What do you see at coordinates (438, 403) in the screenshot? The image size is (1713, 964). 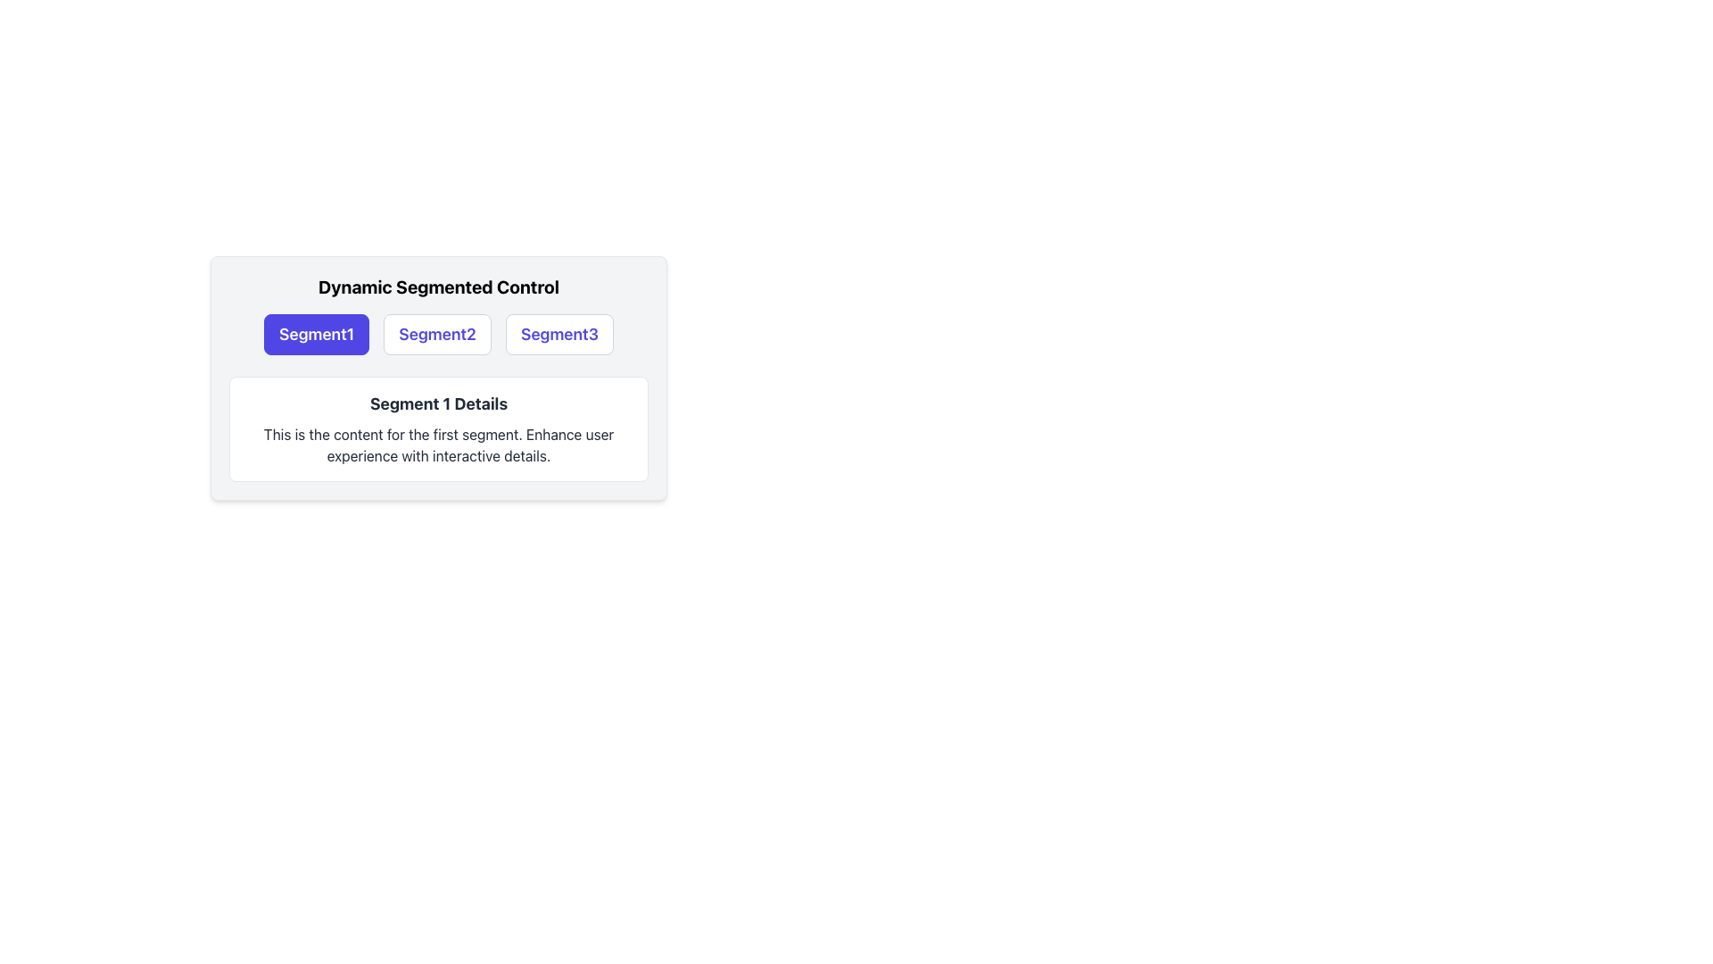 I see `the bold heading labeled 'Segment 1 Details', which is visually distinct and positioned above the paragraph block related to 'Segment 1'` at bounding box center [438, 403].